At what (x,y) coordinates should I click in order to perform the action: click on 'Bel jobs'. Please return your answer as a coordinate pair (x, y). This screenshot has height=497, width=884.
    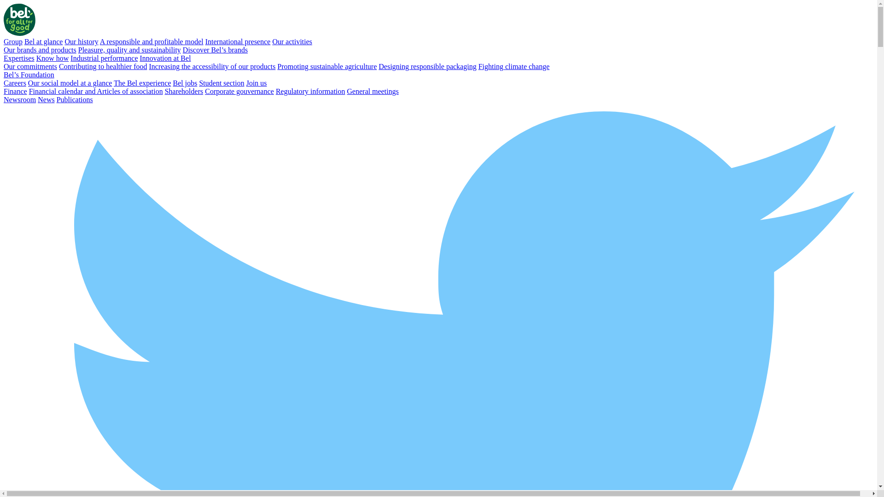
    Looking at the image, I should click on (185, 83).